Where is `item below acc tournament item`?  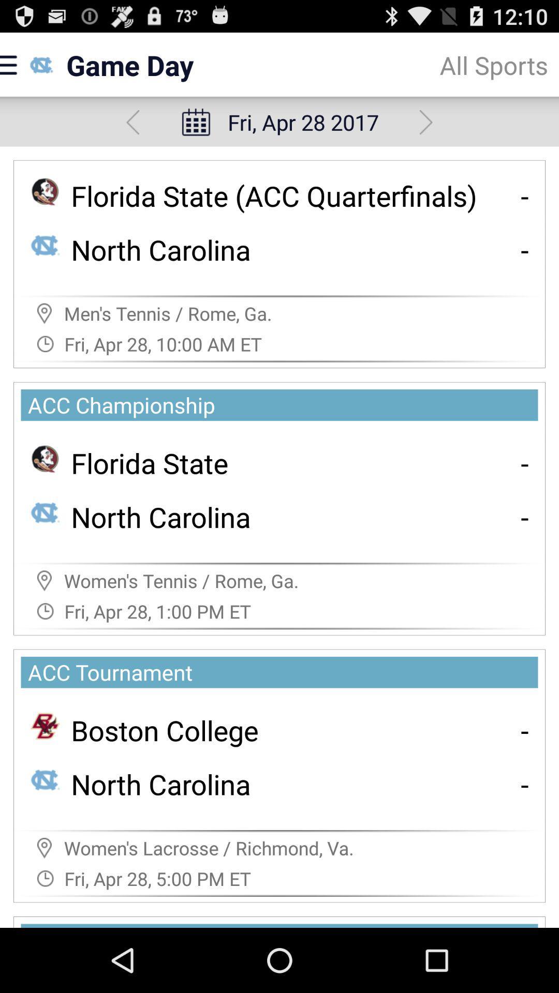
item below acc tournament item is located at coordinates (525, 729).